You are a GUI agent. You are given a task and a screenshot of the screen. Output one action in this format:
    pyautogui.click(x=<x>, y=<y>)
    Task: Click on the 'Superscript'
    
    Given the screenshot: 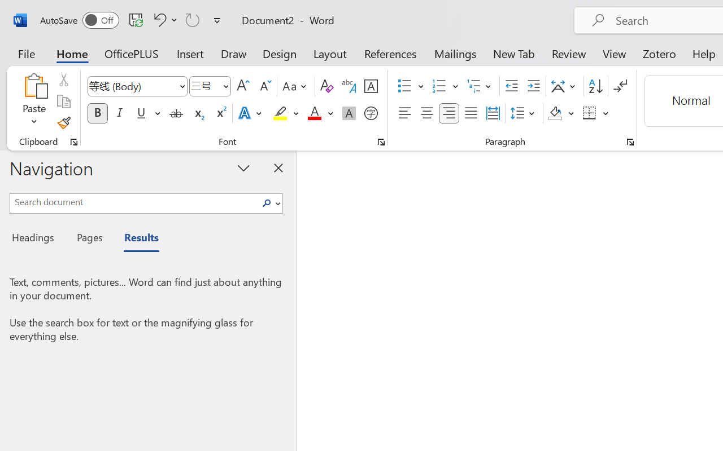 What is the action you would take?
    pyautogui.click(x=220, y=113)
    